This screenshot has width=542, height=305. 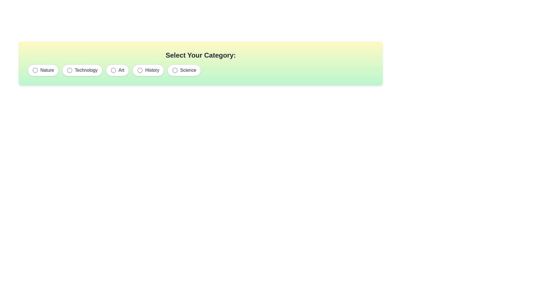 I want to click on the chip corresponding to the category Science, so click(x=184, y=70).